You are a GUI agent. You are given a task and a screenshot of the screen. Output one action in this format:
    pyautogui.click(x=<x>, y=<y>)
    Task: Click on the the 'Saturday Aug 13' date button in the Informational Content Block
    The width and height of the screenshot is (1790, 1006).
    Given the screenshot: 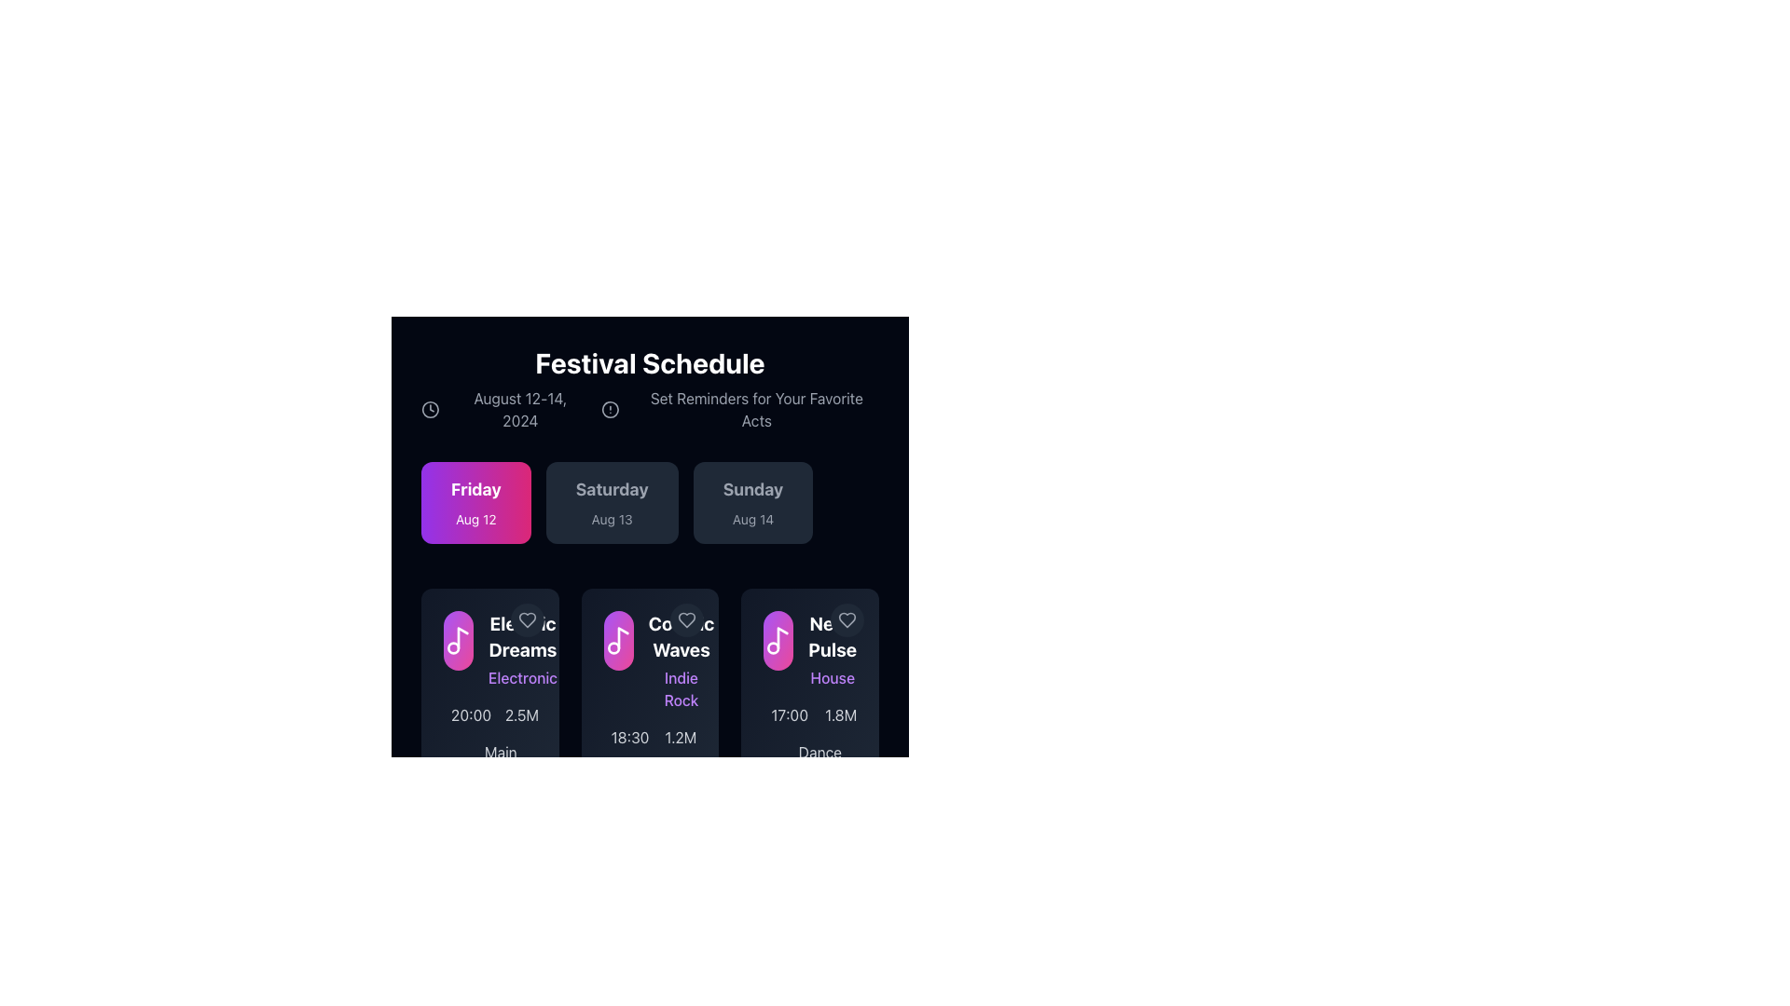 What is the action you would take?
    pyautogui.click(x=650, y=525)
    